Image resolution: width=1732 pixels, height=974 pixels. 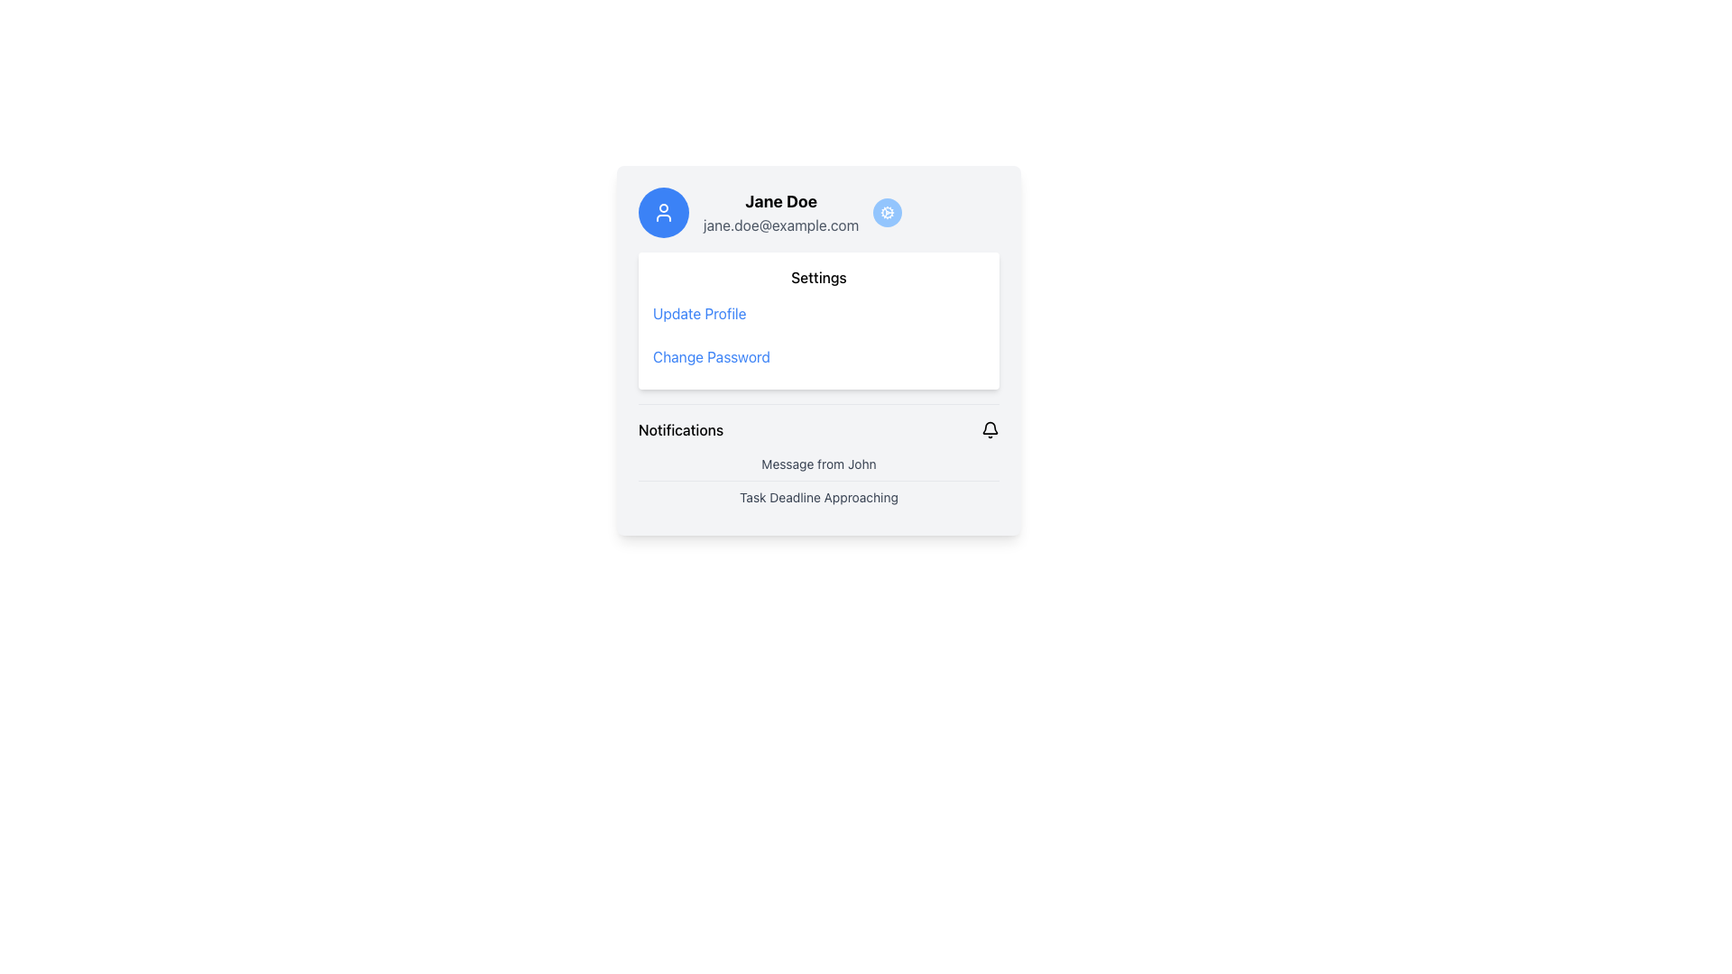 What do you see at coordinates (887, 211) in the screenshot?
I see `the settings icon located near the top-right corner inside the profile information section of the user interface` at bounding box center [887, 211].